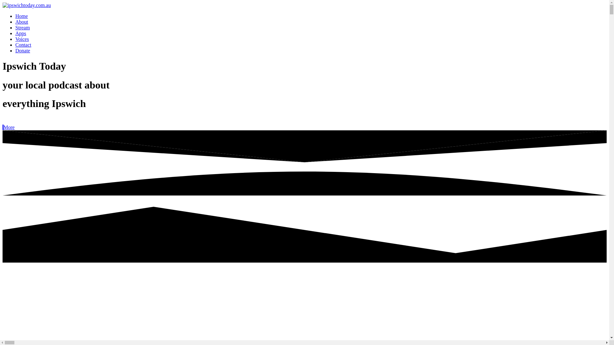  What do you see at coordinates (21, 16) in the screenshot?
I see `'Home'` at bounding box center [21, 16].